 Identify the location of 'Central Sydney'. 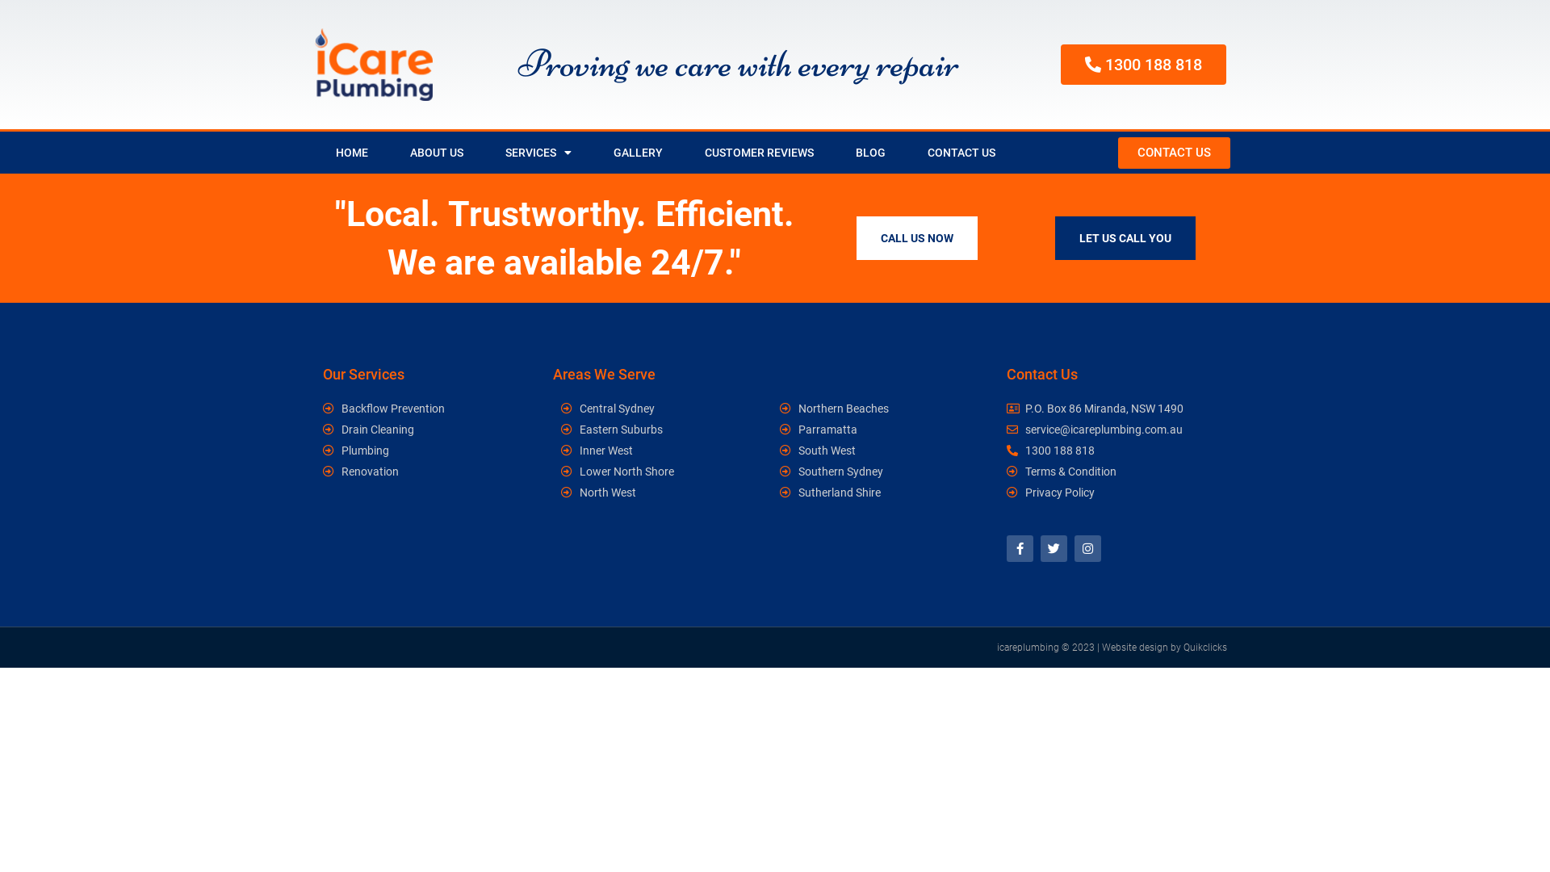
(561, 407).